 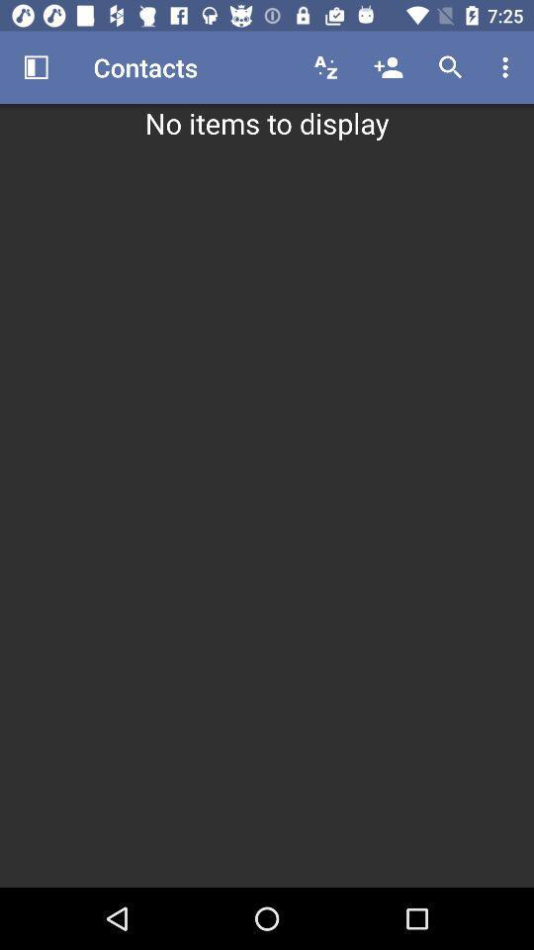 I want to click on the item above no items to item, so click(x=507, y=67).